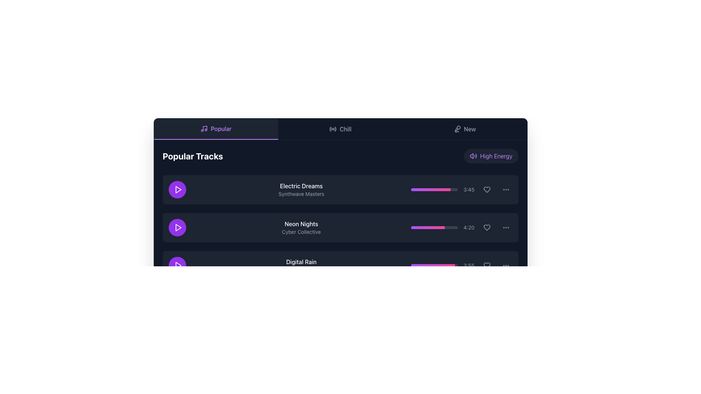 This screenshot has height=394, width=701. I want to click on the ellipsis button located to the right side of the last track in the 'Popular Tracks' list, so click(505, 266).